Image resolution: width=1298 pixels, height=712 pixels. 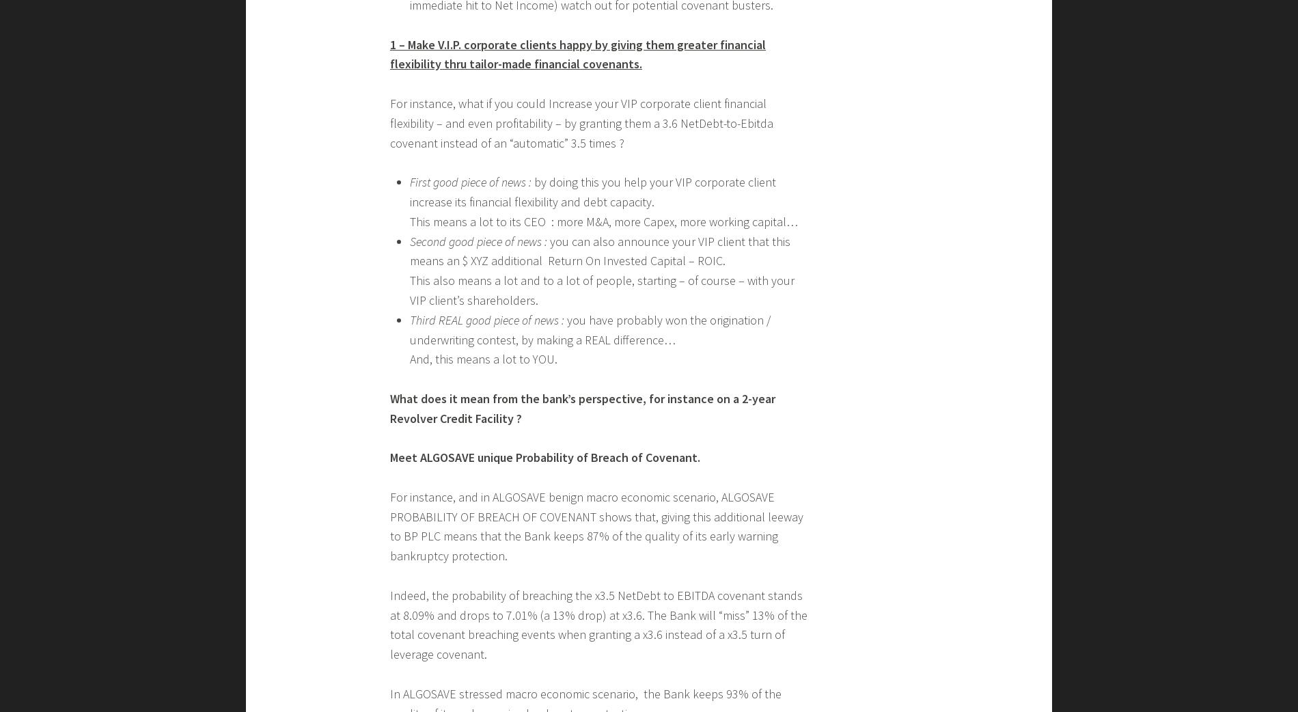 I want to click on 'Transform risk analytics into Competitive edge for investments and corporate loans', so click(x=585, y=276).